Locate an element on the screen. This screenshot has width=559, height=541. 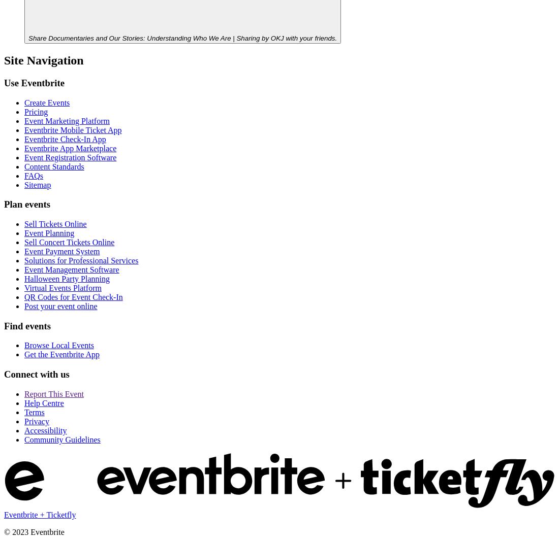
'Create Events' is located at coordinates (47, 102).